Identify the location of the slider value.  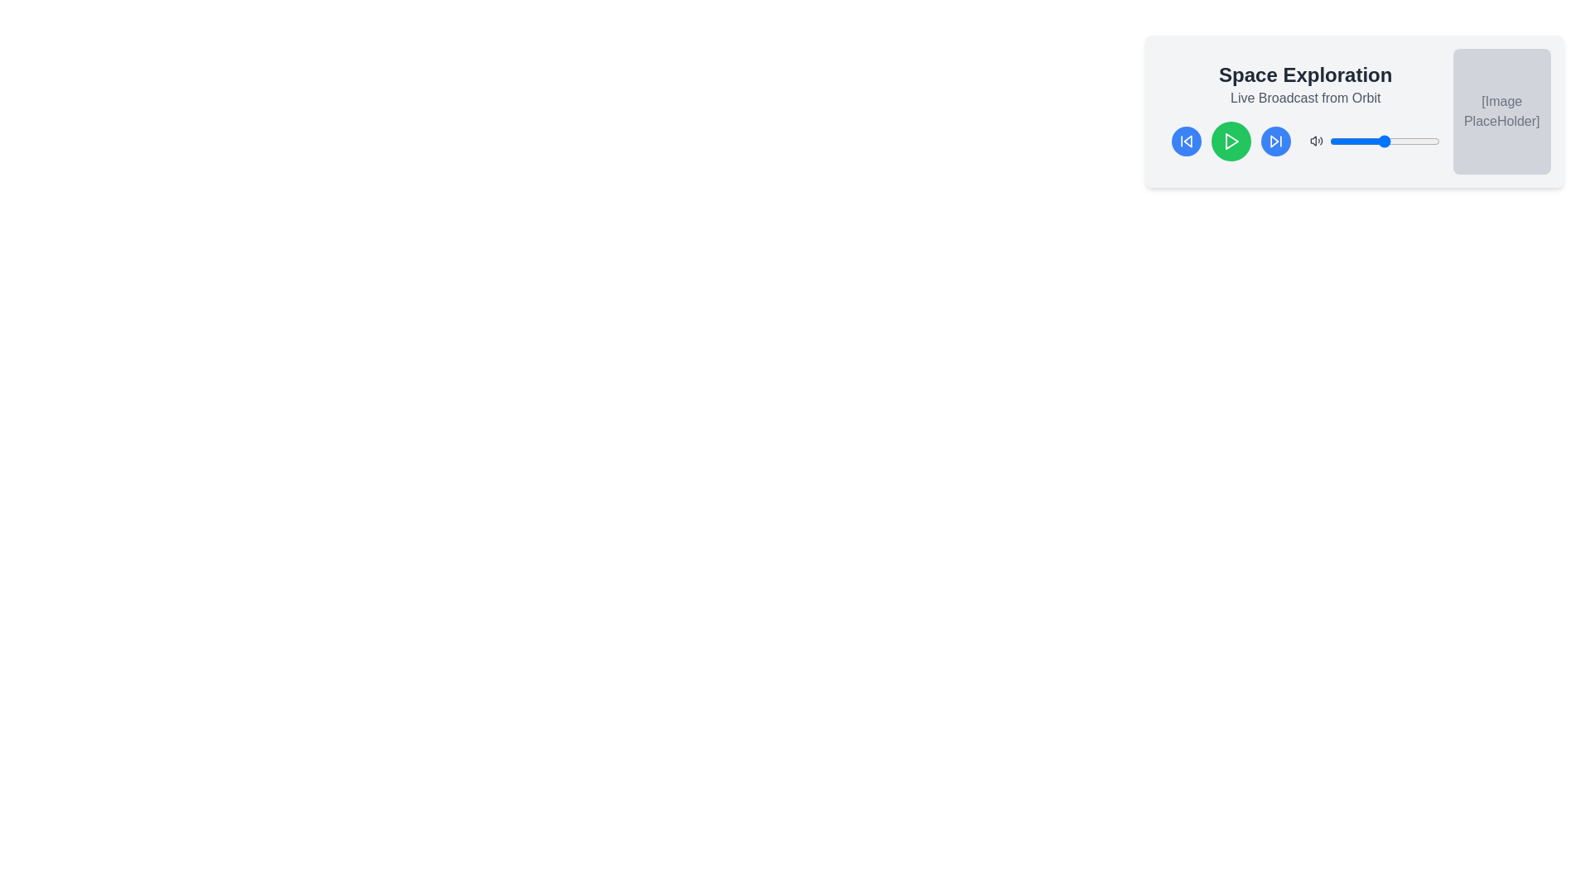
(1343, 140).